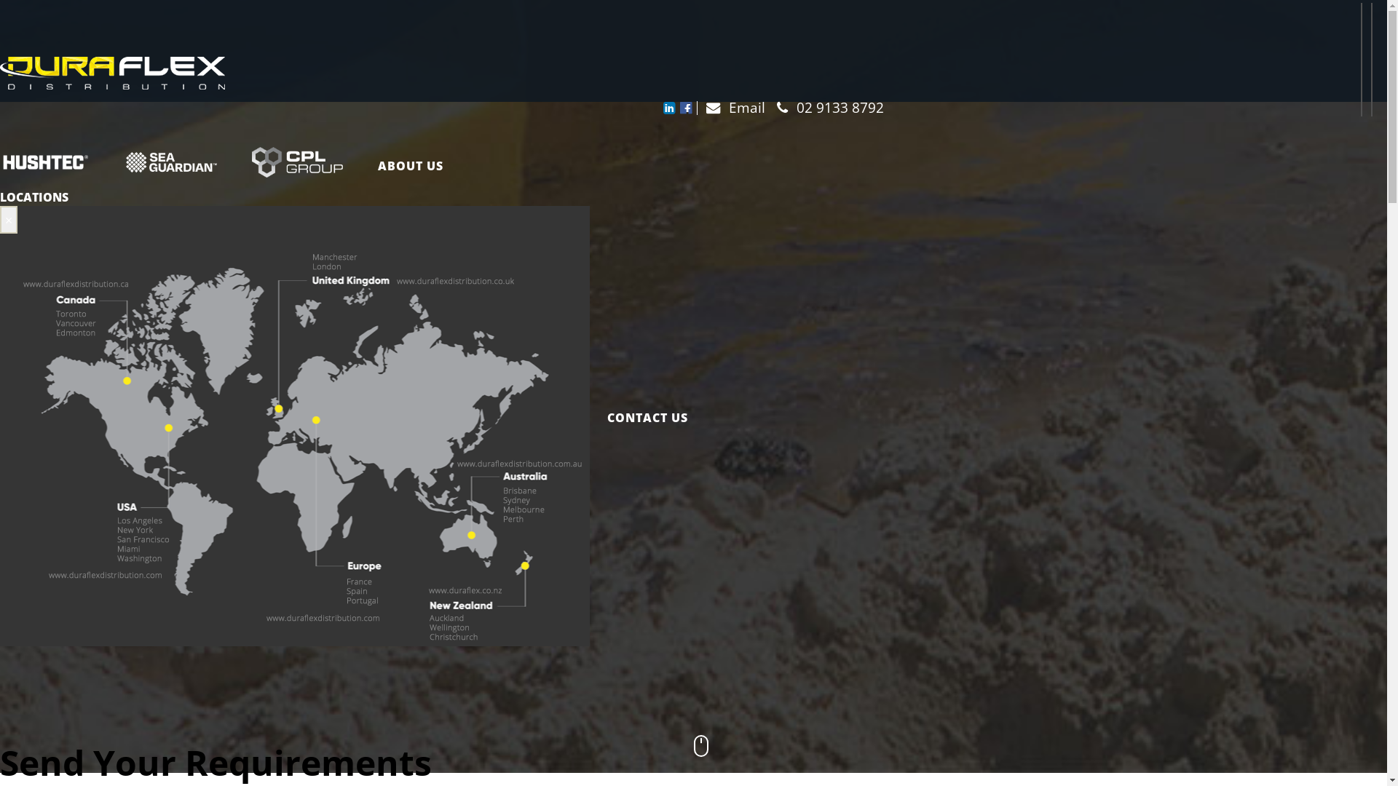 This screenshot has height=786, width=1398. Describe the element at coordinates (730, 106) in the screenshot. I see `'Email'` at that location.